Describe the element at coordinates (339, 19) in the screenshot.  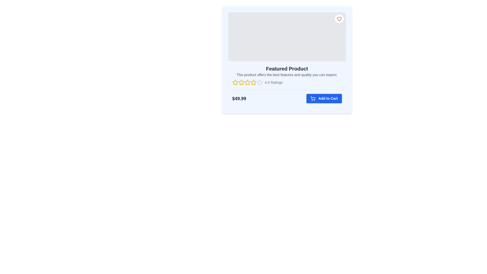
I see `the heart icon button in the upper-right corner of the card component` at that location.